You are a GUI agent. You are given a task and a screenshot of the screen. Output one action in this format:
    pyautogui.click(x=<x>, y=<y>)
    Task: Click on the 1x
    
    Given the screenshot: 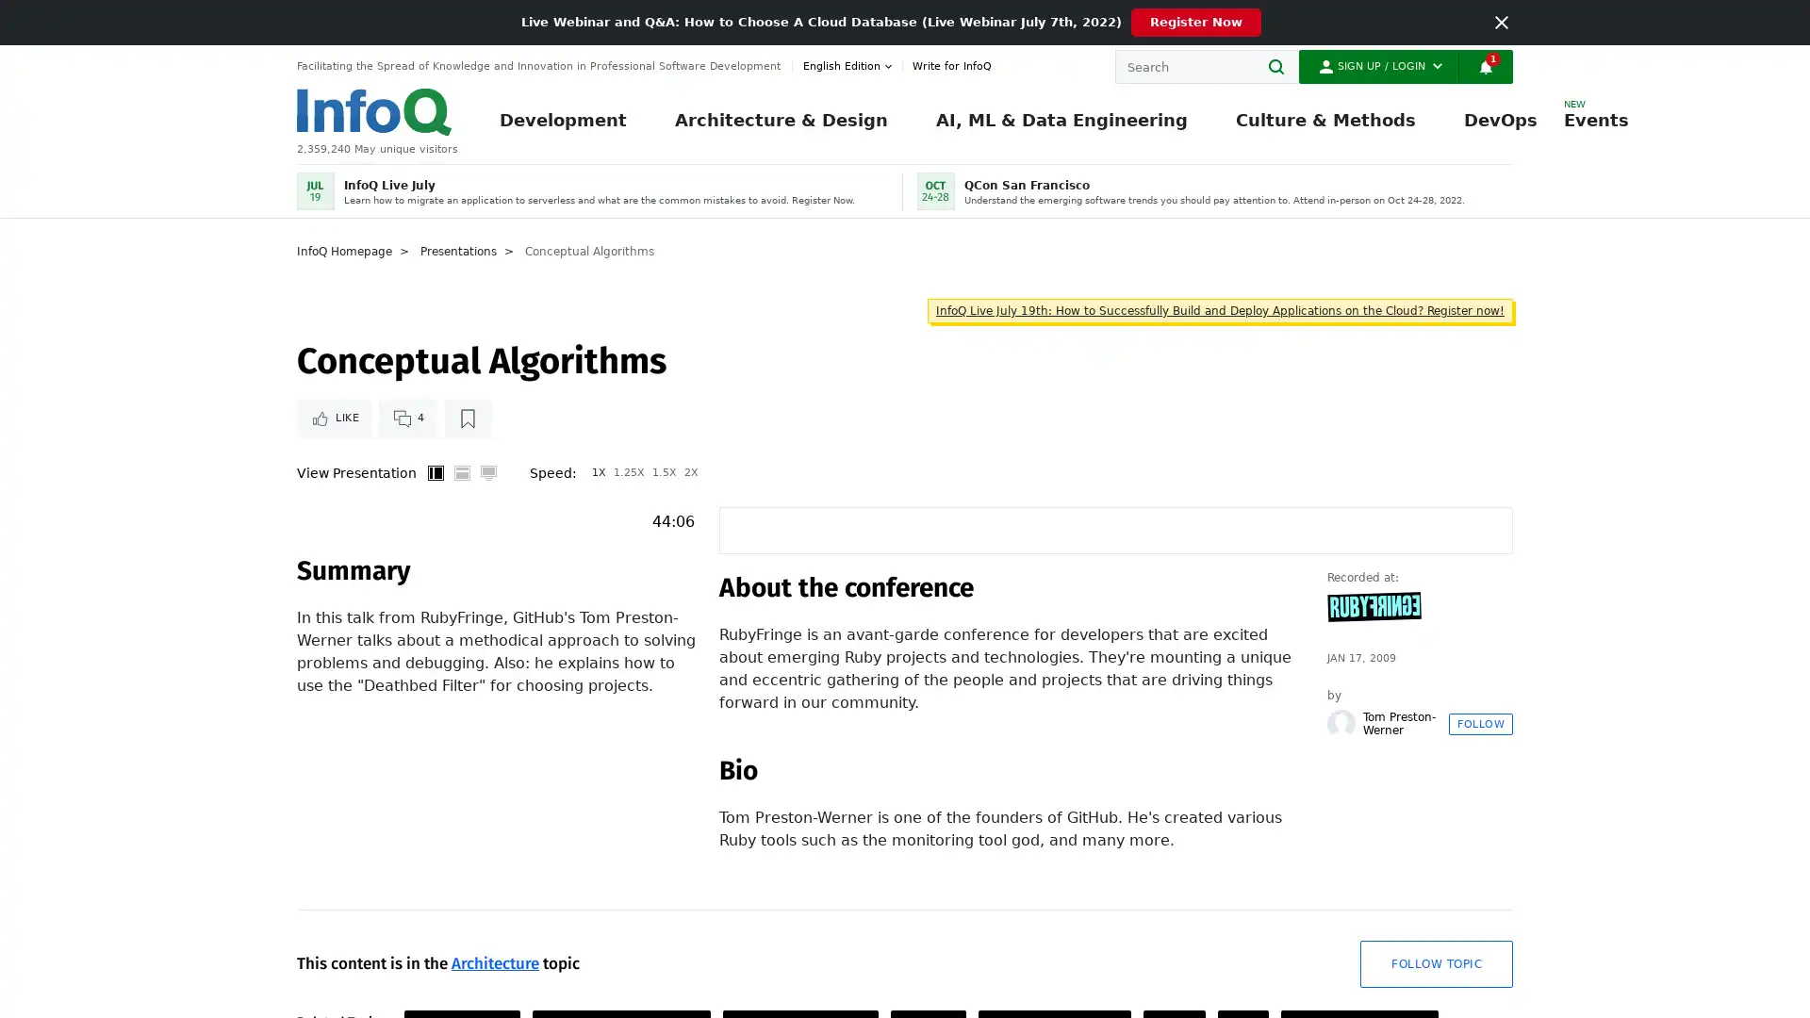 What is the action you would take?
    pyautogui.click(x=598, y=540)
    